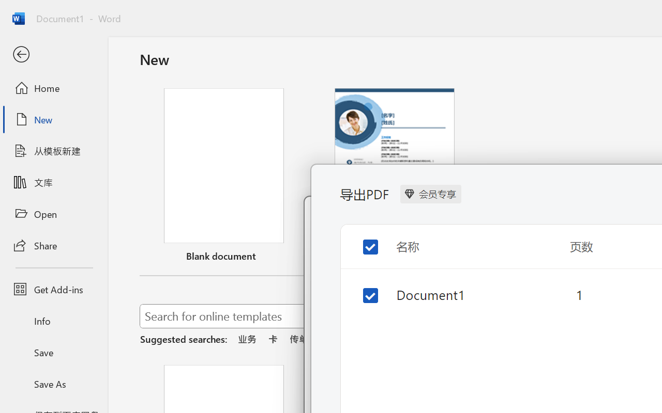 This screenshot has width=662, height=413. Describe the element at coordinates (53, 54) in the screenshot. I see `'Back'` at that location.